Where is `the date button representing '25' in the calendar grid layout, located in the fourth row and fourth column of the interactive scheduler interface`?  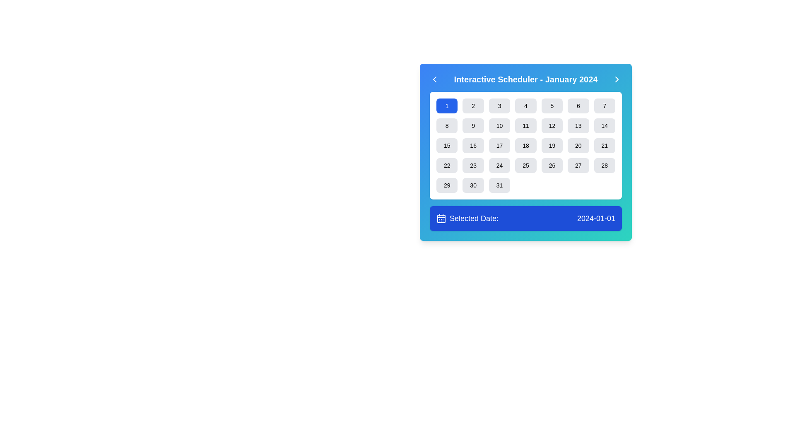
the date button representing '25' in the calendar grid layout, located in the fourth row and fourth column of the interactive scheduler interface is located at coordinates (525, 166).